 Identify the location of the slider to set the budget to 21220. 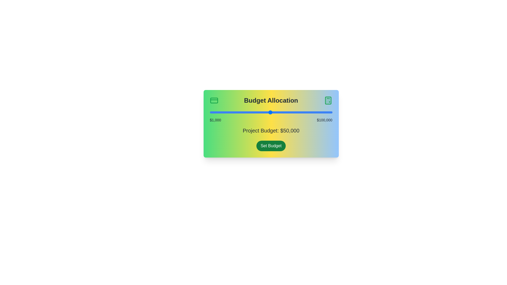
(234, 112).